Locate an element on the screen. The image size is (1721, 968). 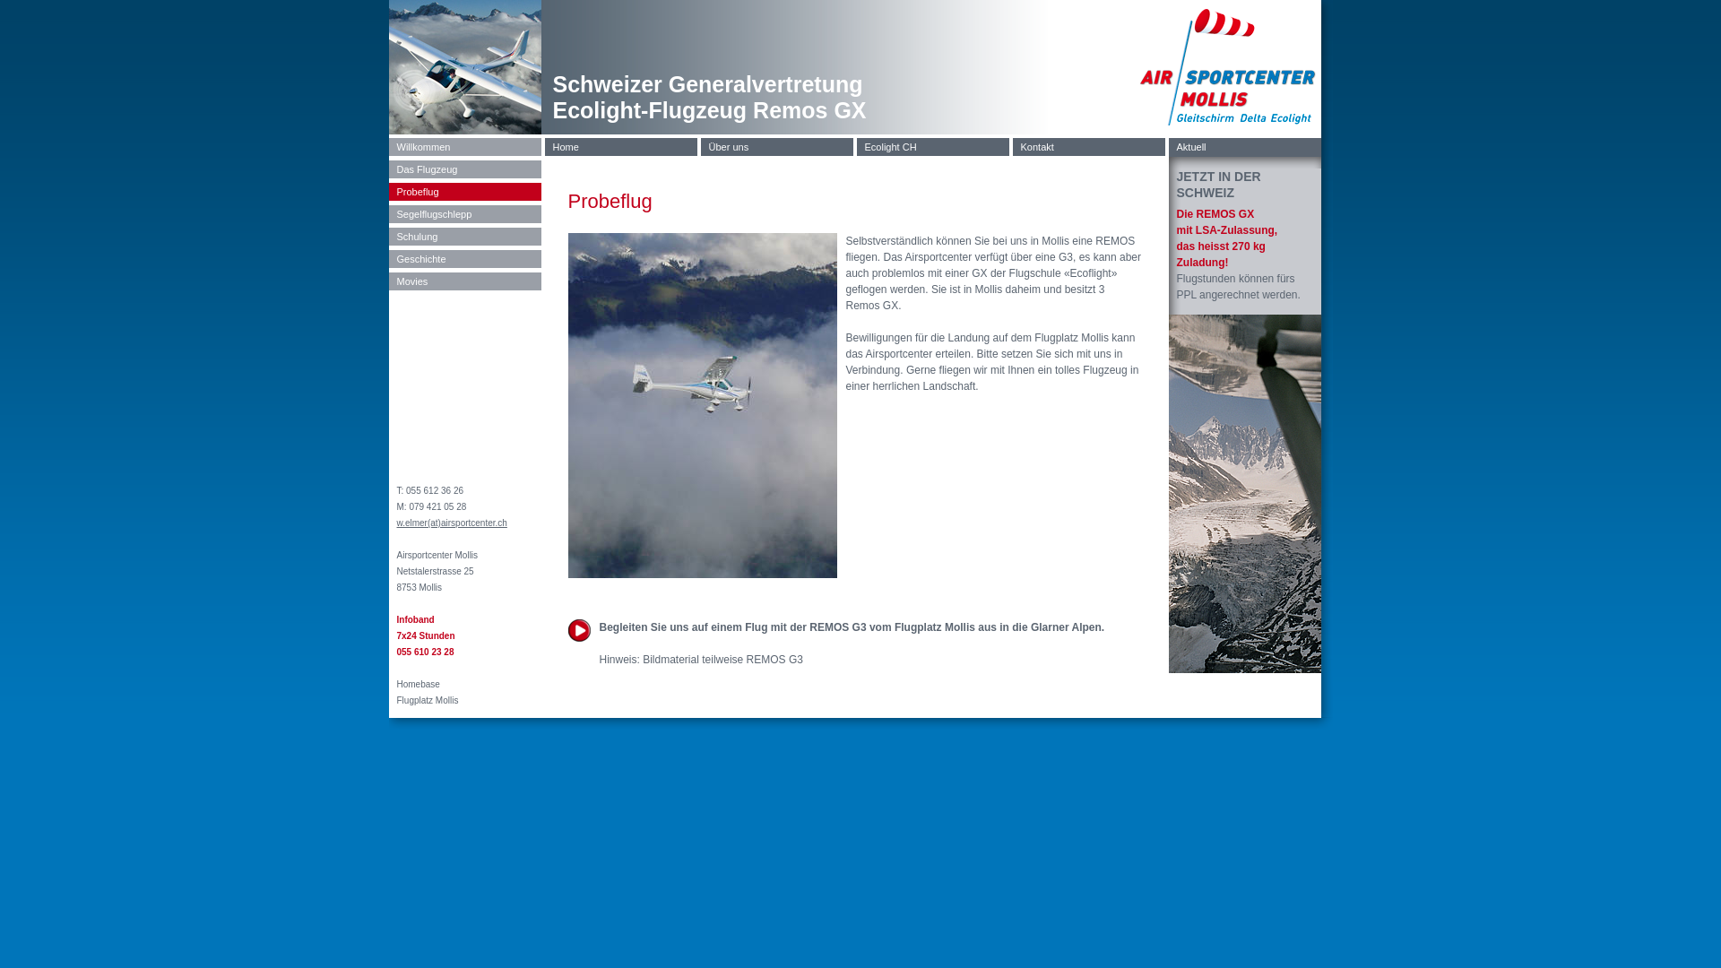
'w.elmer(at)airsportcenter.ch' is located at coordinates (451, 523).